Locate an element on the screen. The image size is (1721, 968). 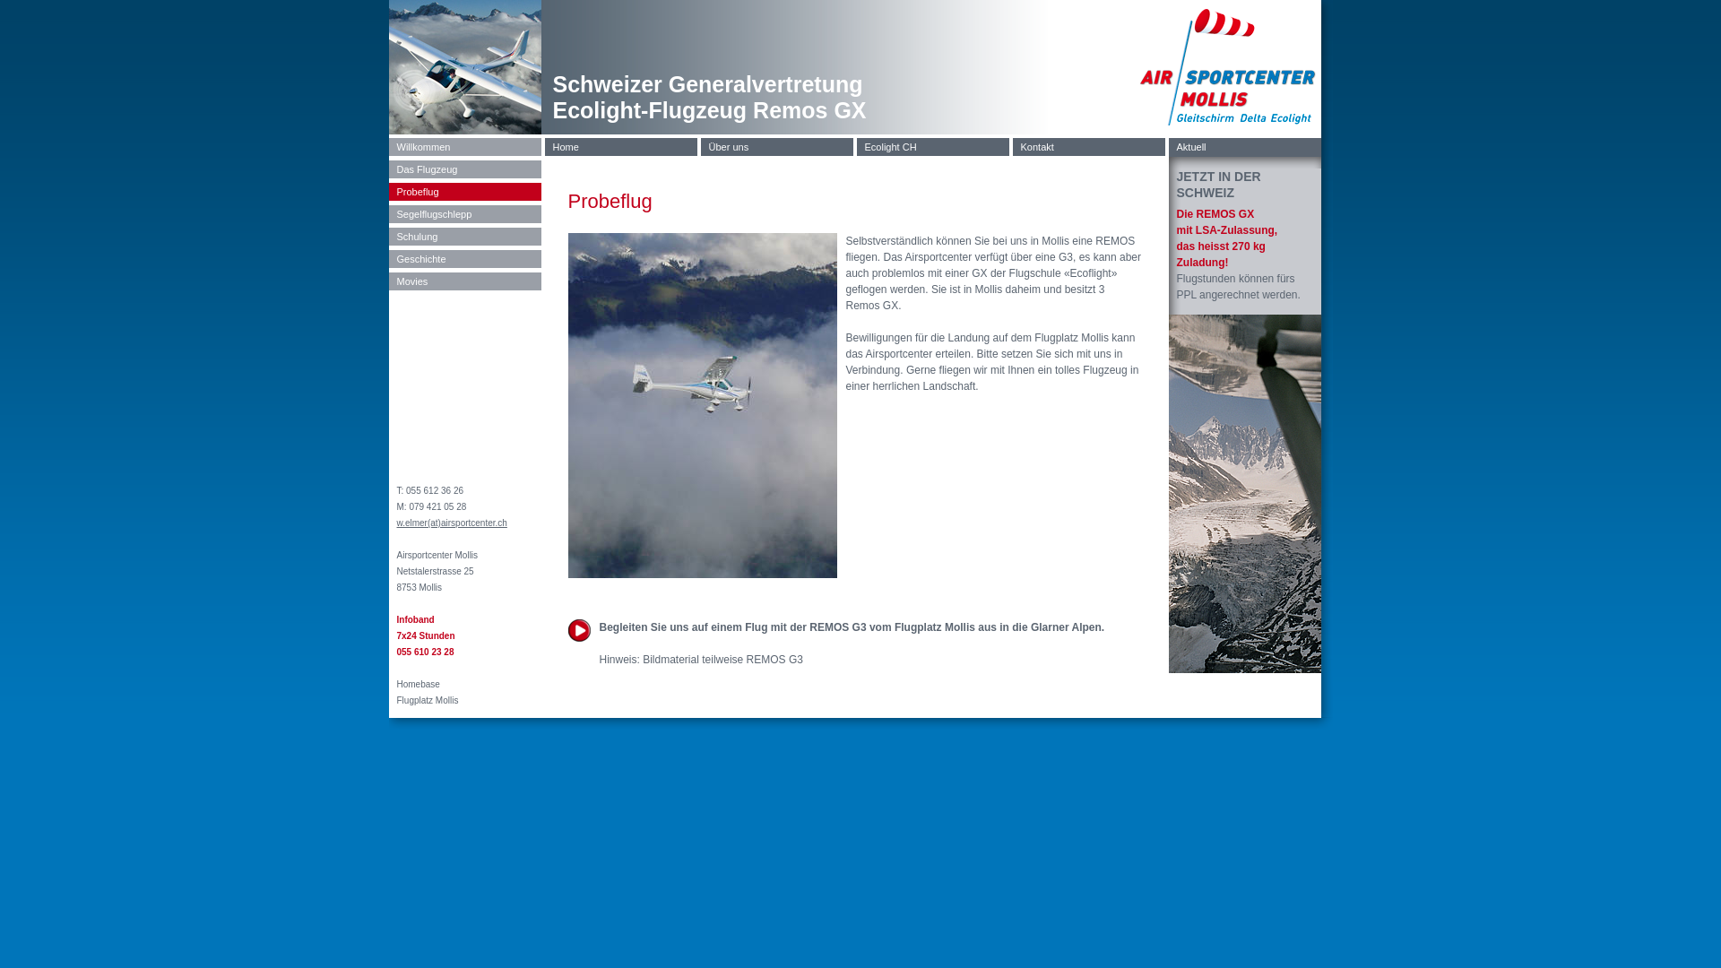
'w.elmer(at)airsportcenter.ch' is located at coordinates (451, 523).